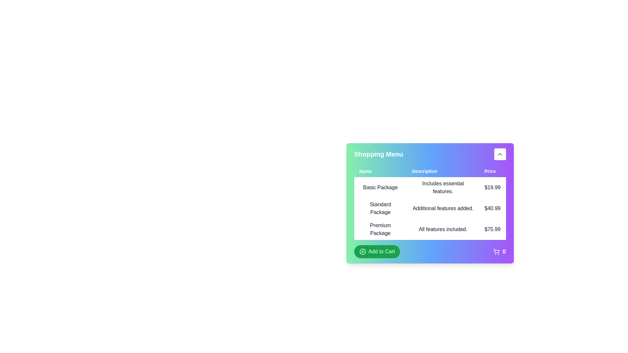 The image size is (628, 353). What do you see at coordinates (380, 188) in the screenshot?
I see `the text label displaying 'Basic Package' in a black font within the pricing menu` at bounding box center [380, 188].